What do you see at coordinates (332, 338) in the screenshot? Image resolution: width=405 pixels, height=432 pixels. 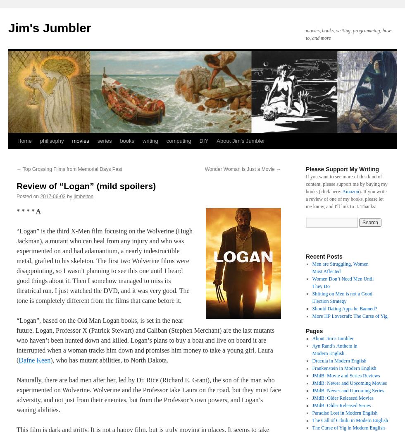 I see `'About Jim’s Jumbler'` at bounding box center [332, 338].